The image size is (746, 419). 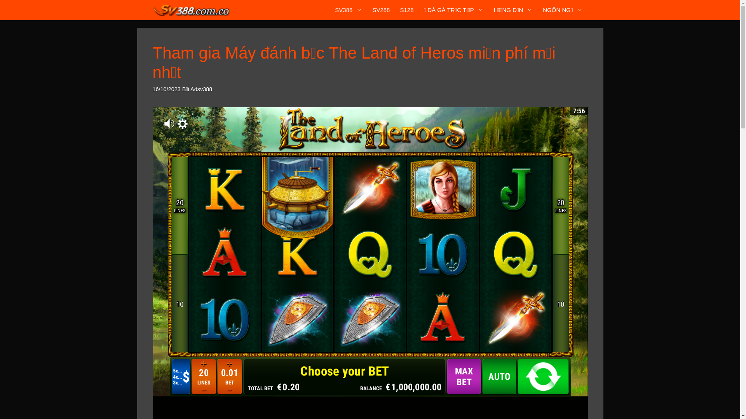 I want to click on 'S128', so click(x=406, y=10).